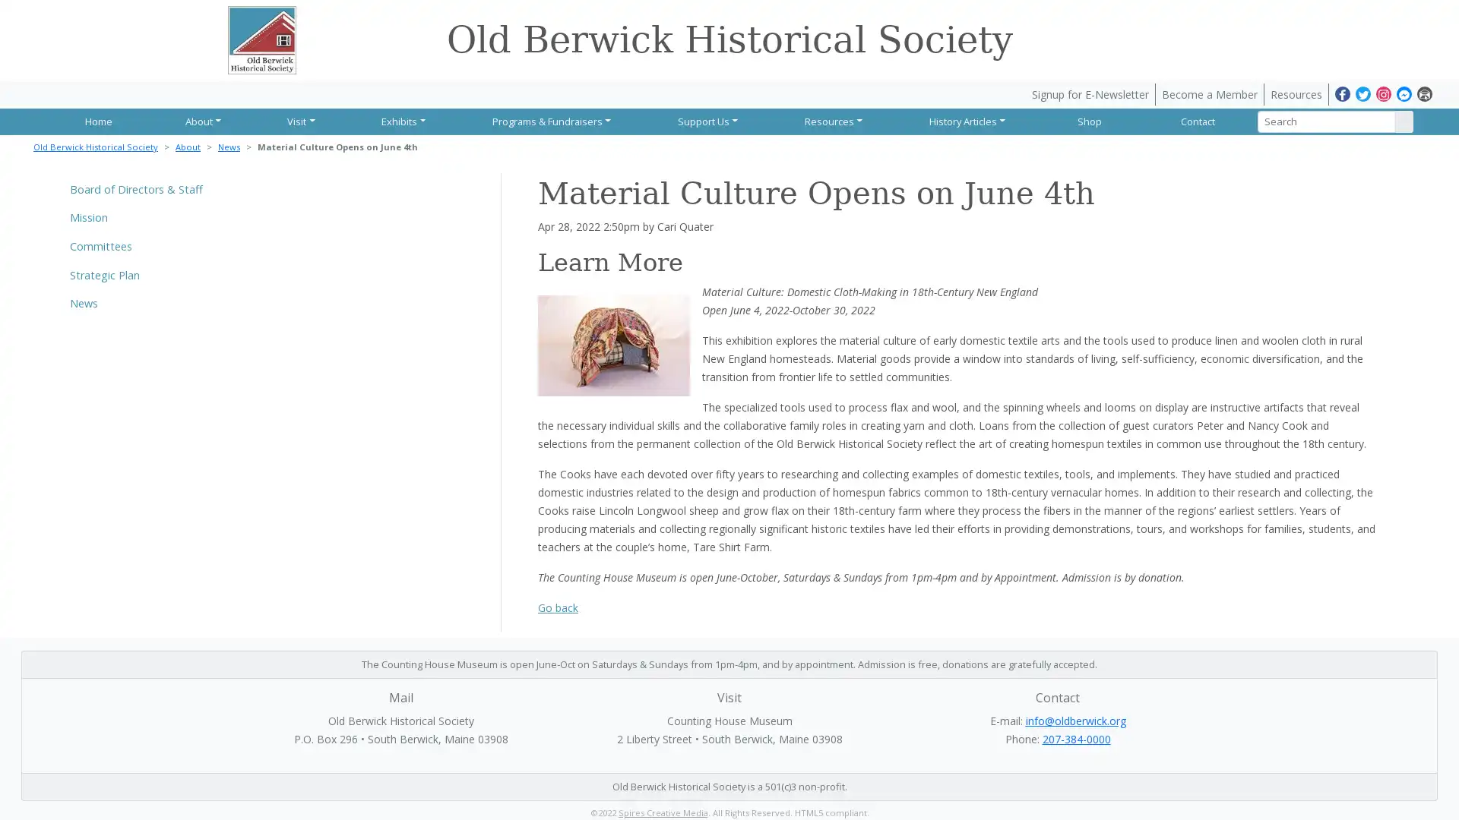  What do you see at coordinates (828, 120) in the screenshot?
I see `Resources` at bounding box center [828, 120].